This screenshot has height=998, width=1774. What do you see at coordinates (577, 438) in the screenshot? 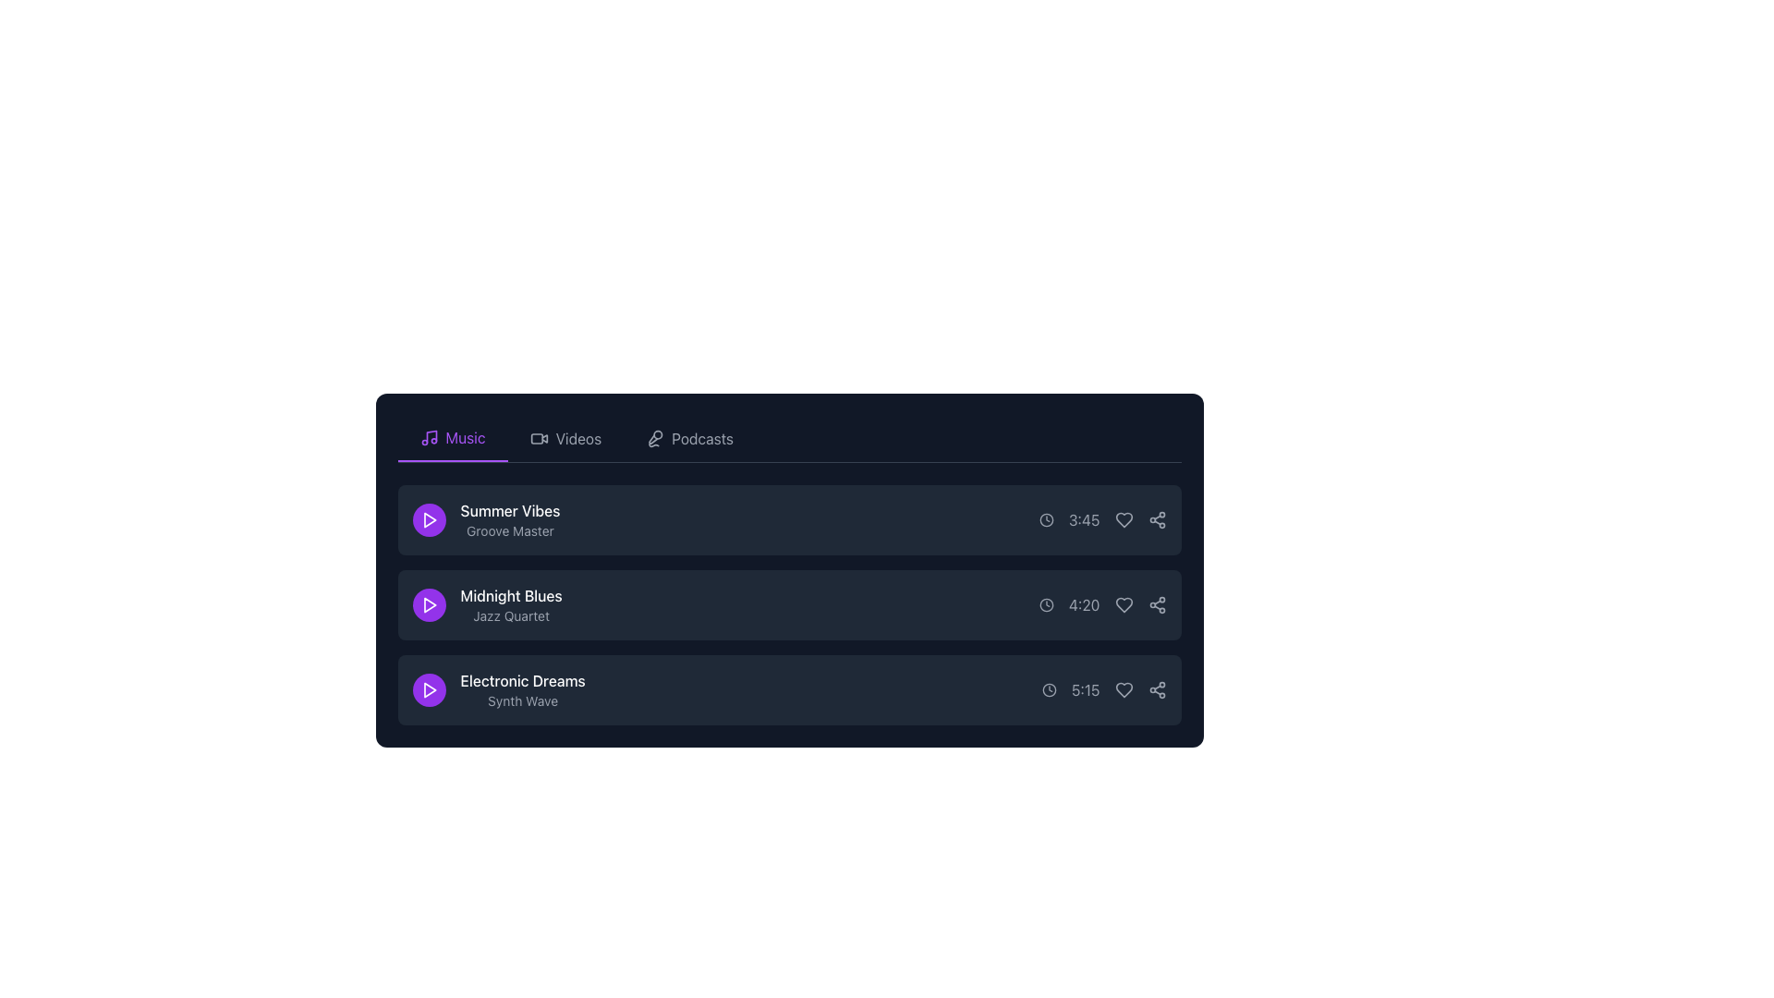
I see `the text label in the navigation bar that is the second item from the left, immediately after the 'Music' tab` at bounding box center [577, 438].